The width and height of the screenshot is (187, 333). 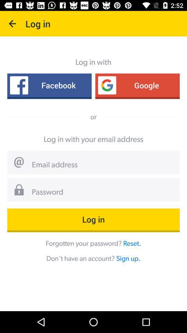 What do you see at coordinates (103, 165) in the screenshot?
I see `e-mail` at bounding box center [103, 165].